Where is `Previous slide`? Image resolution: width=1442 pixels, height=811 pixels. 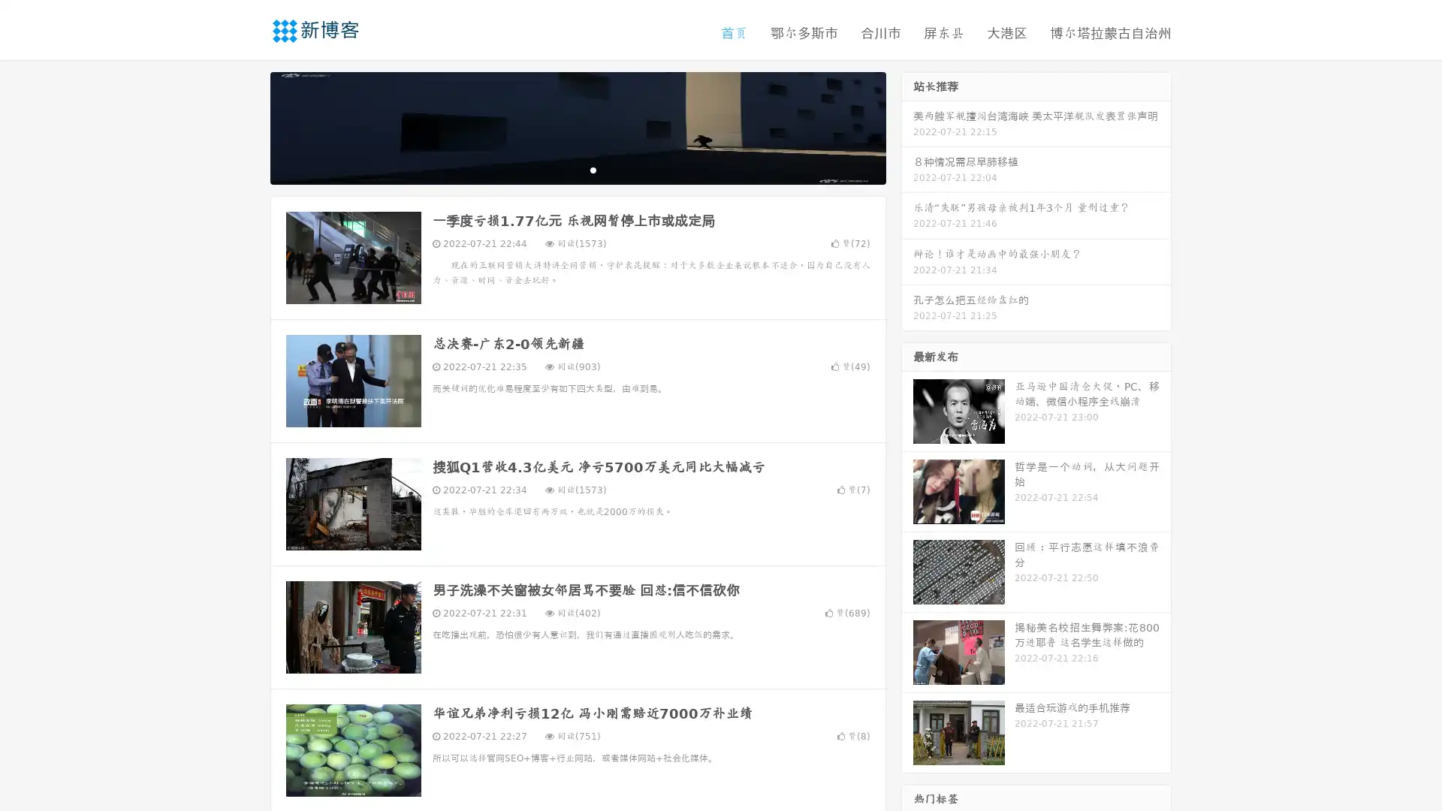
Previous slide is located at coordinates (248, 126).